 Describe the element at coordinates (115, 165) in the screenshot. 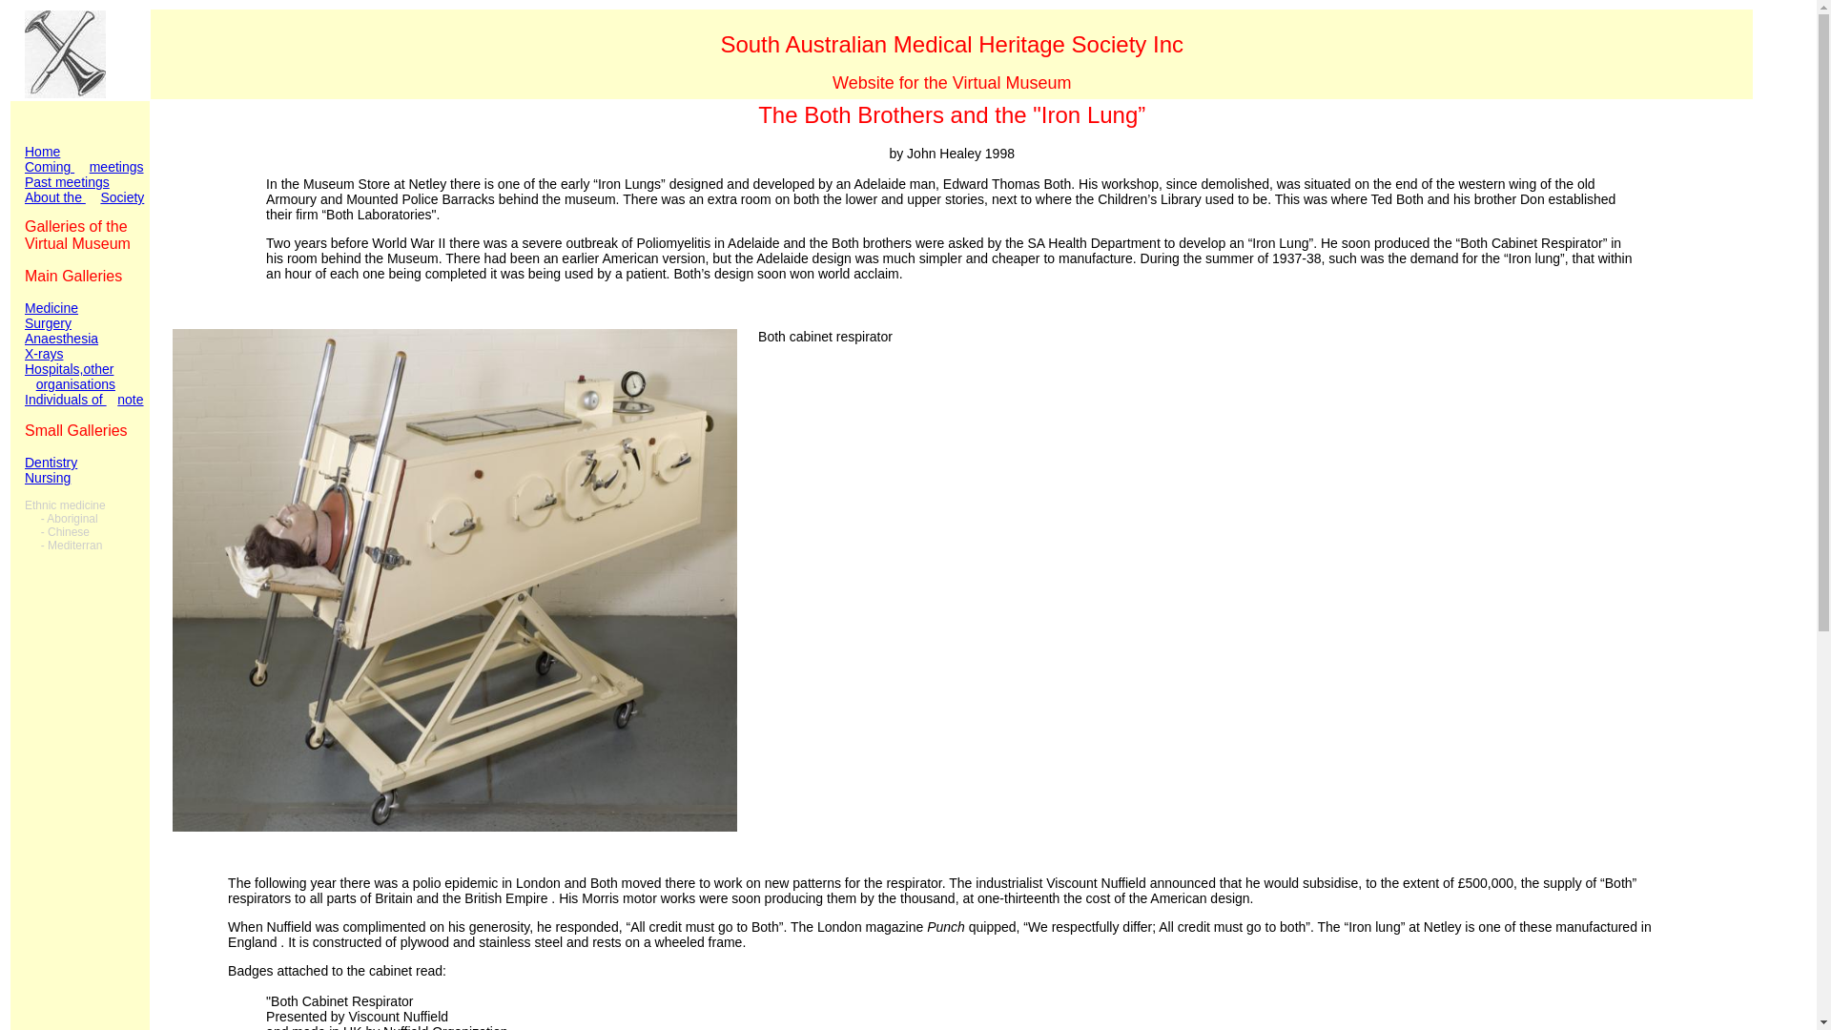

I see `'meetings'` at that location.